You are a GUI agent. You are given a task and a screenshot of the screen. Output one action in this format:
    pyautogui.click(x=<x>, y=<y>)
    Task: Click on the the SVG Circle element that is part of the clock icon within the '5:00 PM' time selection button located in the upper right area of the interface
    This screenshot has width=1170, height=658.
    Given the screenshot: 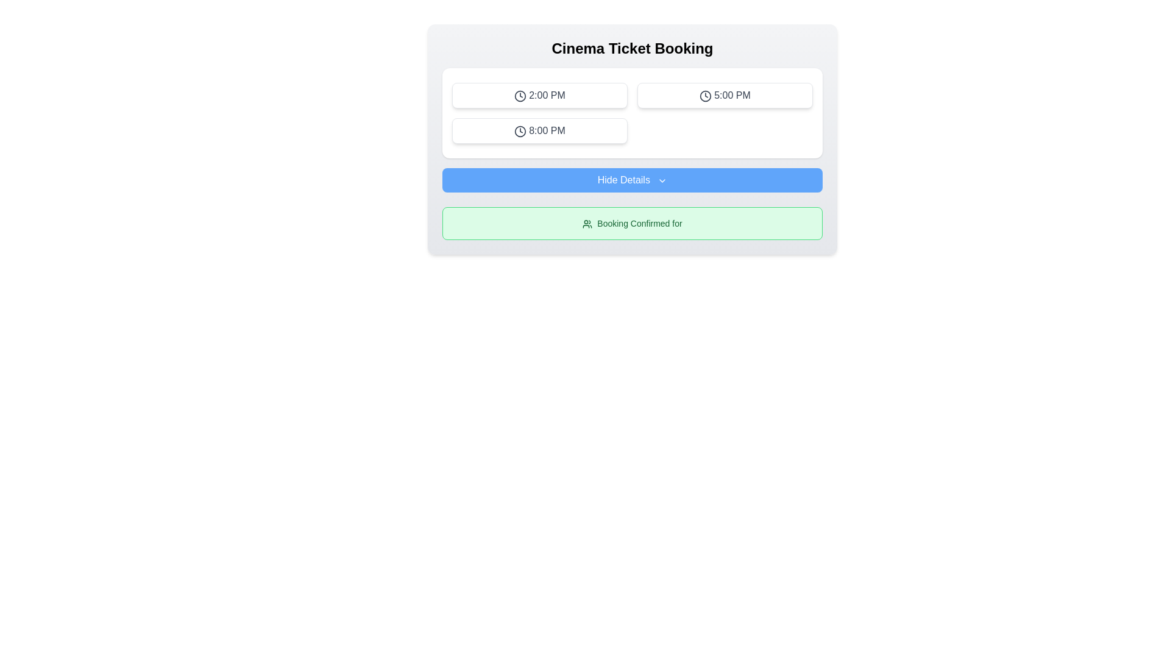 What is the action you would take?
    pyautogui.click(x=706, y=95)
    